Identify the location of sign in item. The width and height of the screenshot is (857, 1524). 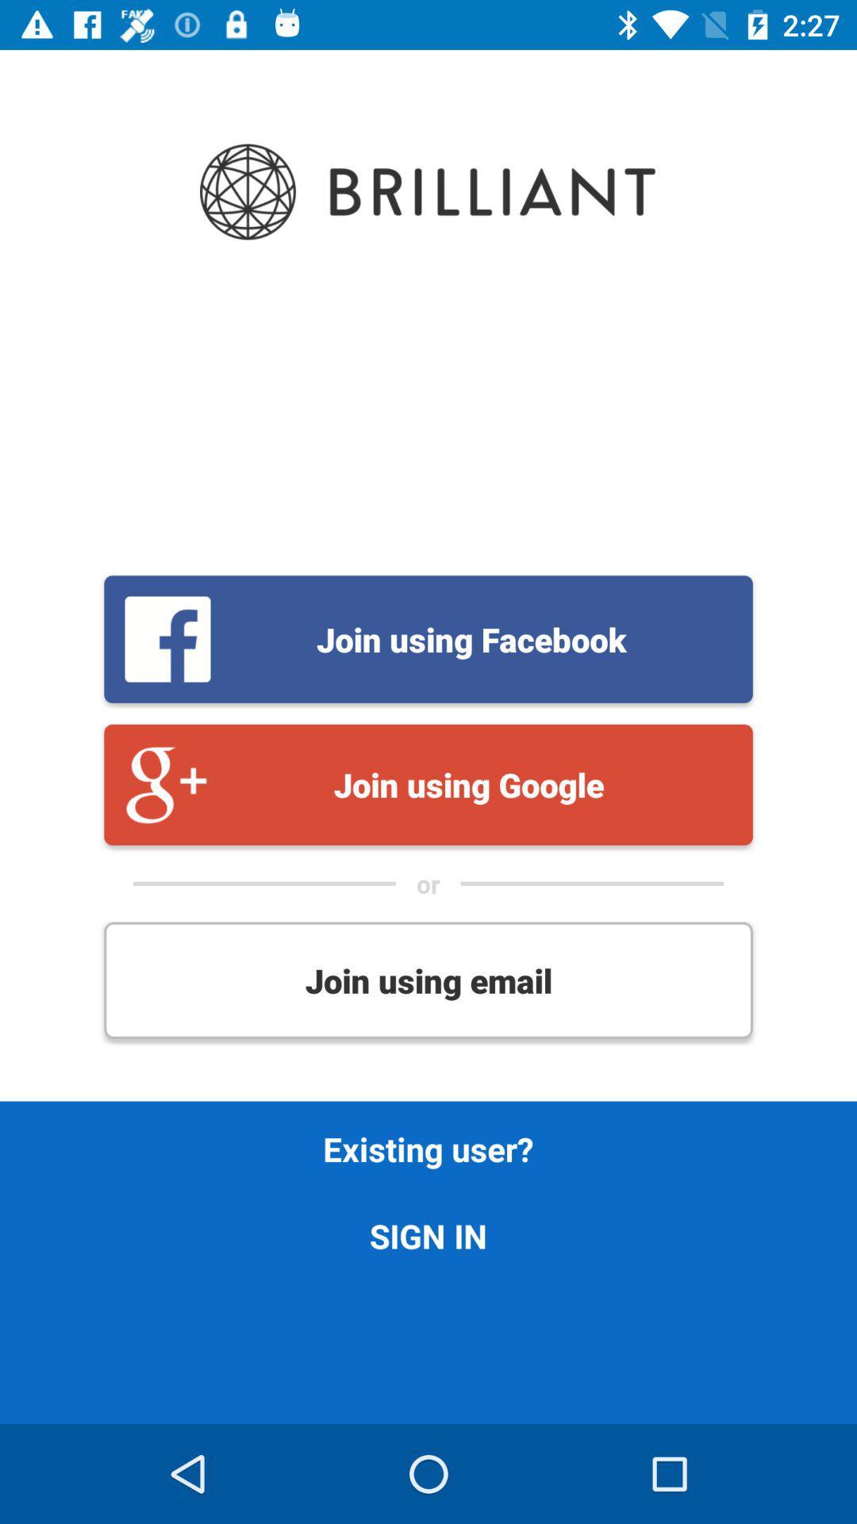
(428, 1234).